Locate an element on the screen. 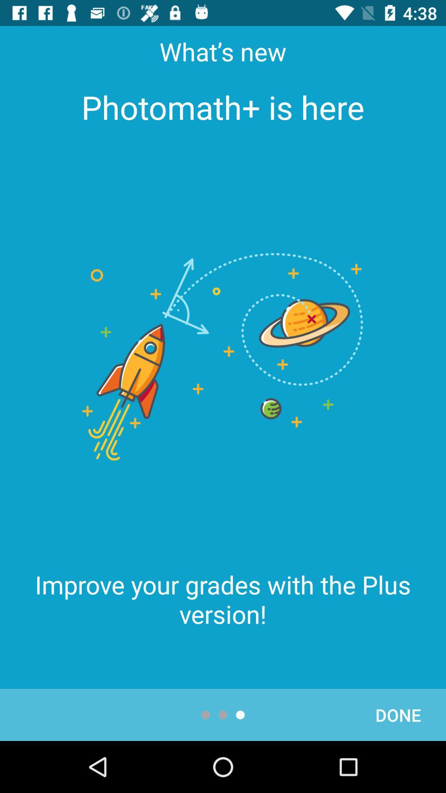 Image resolution: width=446 pixels, height=793 pixels. item below improve your grades icon is located at coordinates (398, 715).